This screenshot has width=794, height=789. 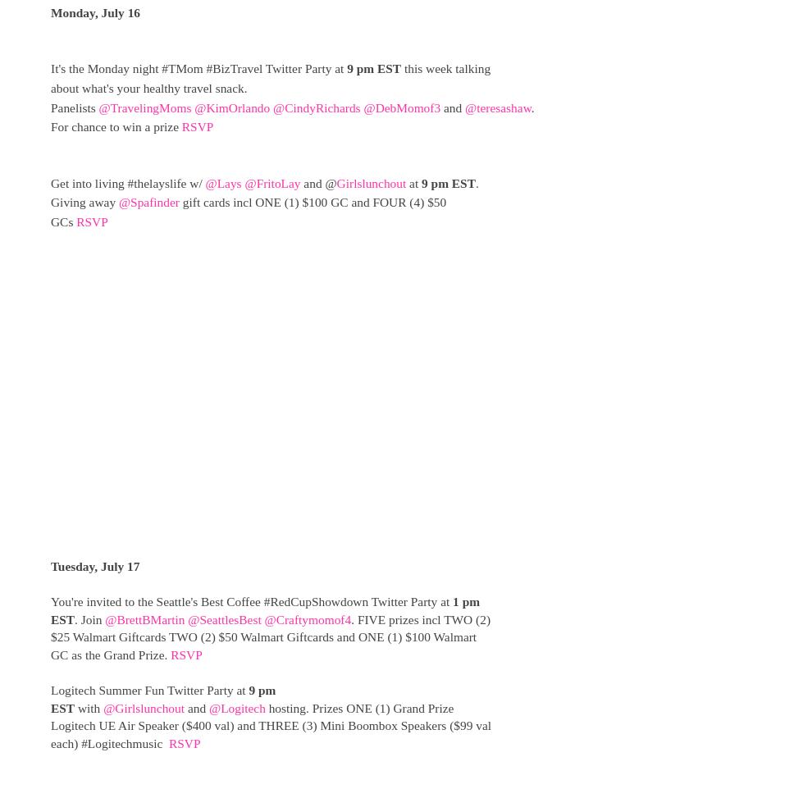 I want to click on 'Get into living #thelayslife w/', so click(x=127, y=181).